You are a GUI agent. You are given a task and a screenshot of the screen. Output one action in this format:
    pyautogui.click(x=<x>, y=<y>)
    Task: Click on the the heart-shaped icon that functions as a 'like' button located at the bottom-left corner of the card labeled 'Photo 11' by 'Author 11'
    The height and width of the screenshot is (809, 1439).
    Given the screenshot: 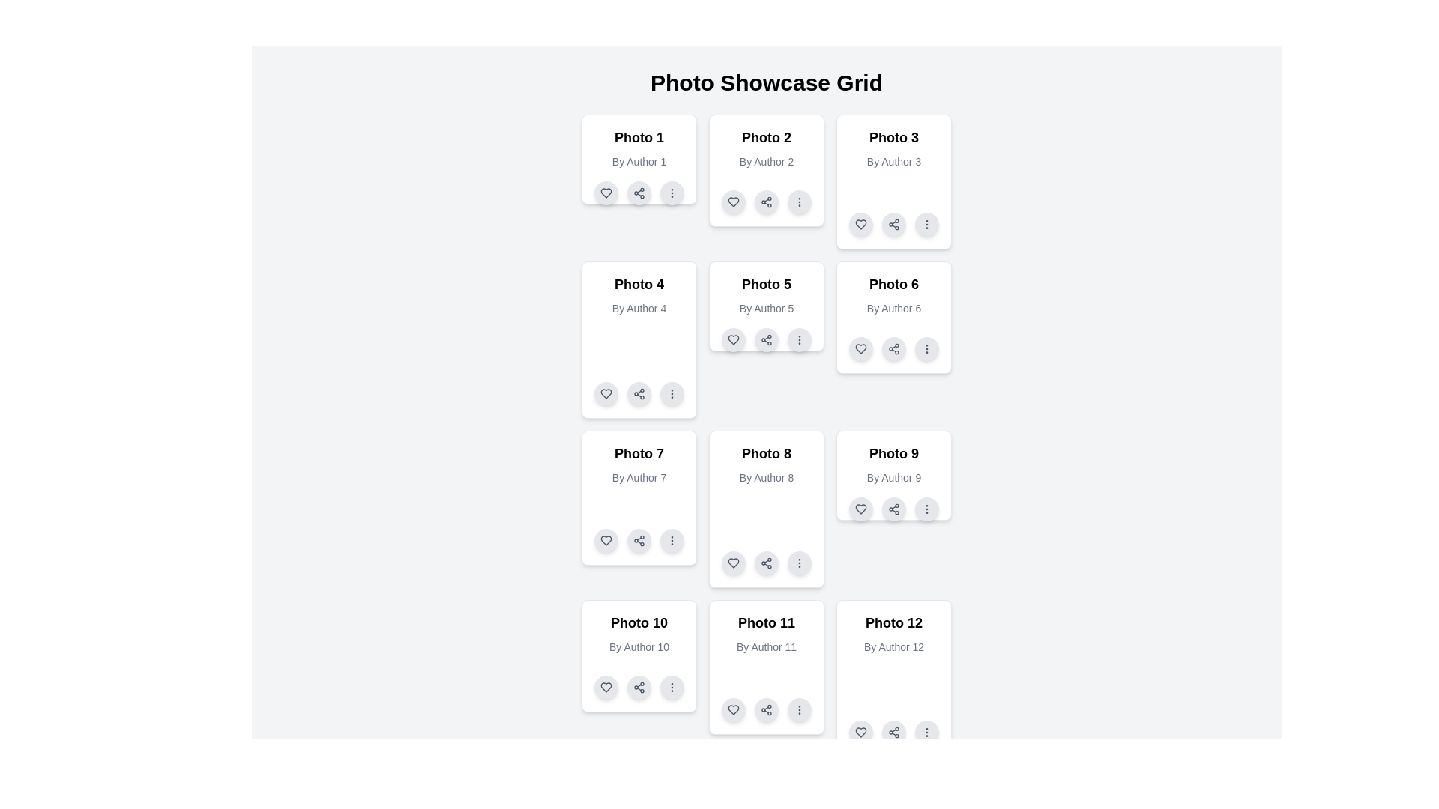 What is the action you would take?
    pyautogui.click(x=734, y=709)
    